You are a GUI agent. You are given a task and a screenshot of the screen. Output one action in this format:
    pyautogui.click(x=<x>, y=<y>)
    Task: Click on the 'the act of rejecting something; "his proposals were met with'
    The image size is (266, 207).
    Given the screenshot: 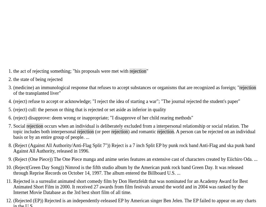 What is the action you would take?
    pyautogui.click(x=71, y=71)
    